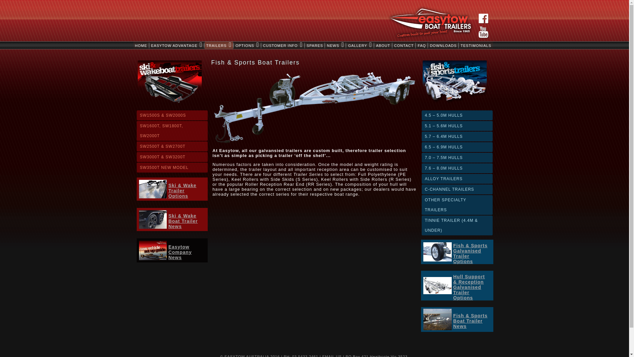  Describe the element at coordinates (470, 253) in the screenshot. I see `'Fish & Sports Galvanised Trailer Options'` at that location.